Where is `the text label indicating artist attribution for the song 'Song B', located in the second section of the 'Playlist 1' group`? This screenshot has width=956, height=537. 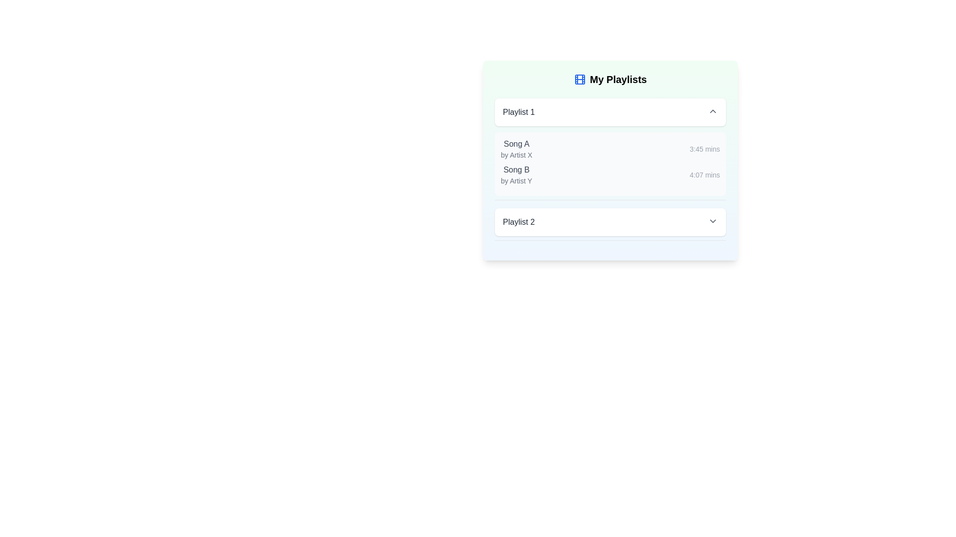 the text label indicating artist attribution for the song 'Song B', located in the second section of the 'Playlist 1' group is located at coordinates (516, 180).